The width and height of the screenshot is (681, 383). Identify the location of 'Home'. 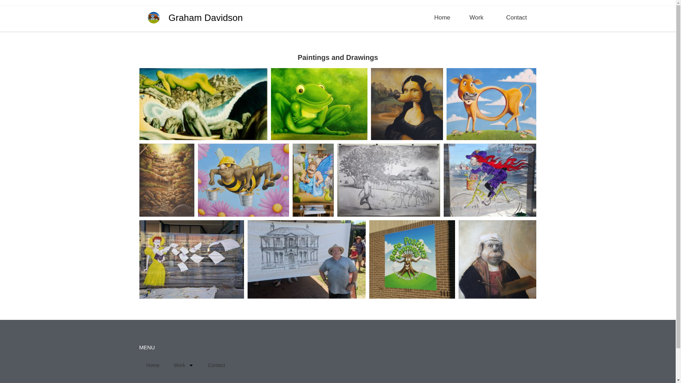
(442, 17).